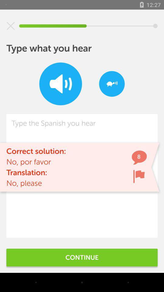  I want to click on stop playing, so click(11, 26).